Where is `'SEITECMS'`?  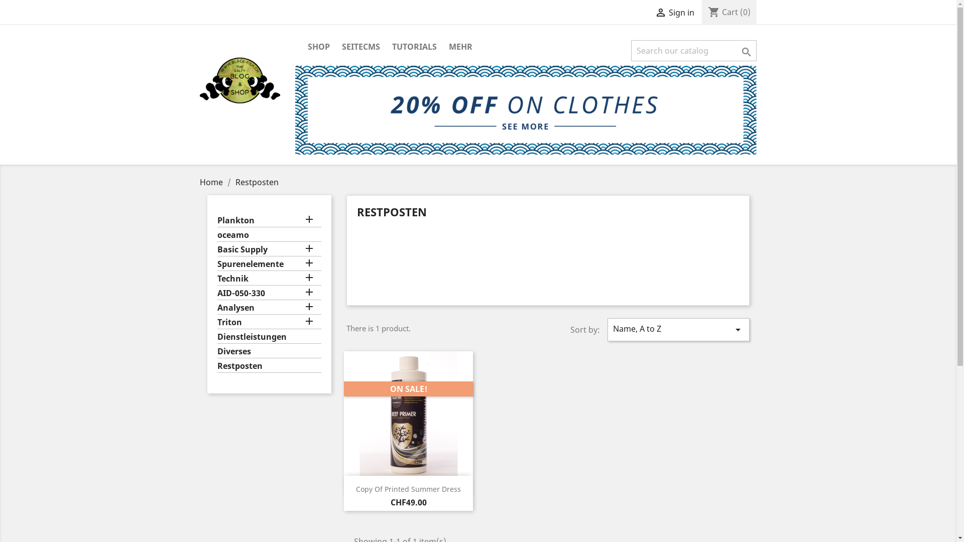 'SEITECMS' is located at coordinates (360, 47).